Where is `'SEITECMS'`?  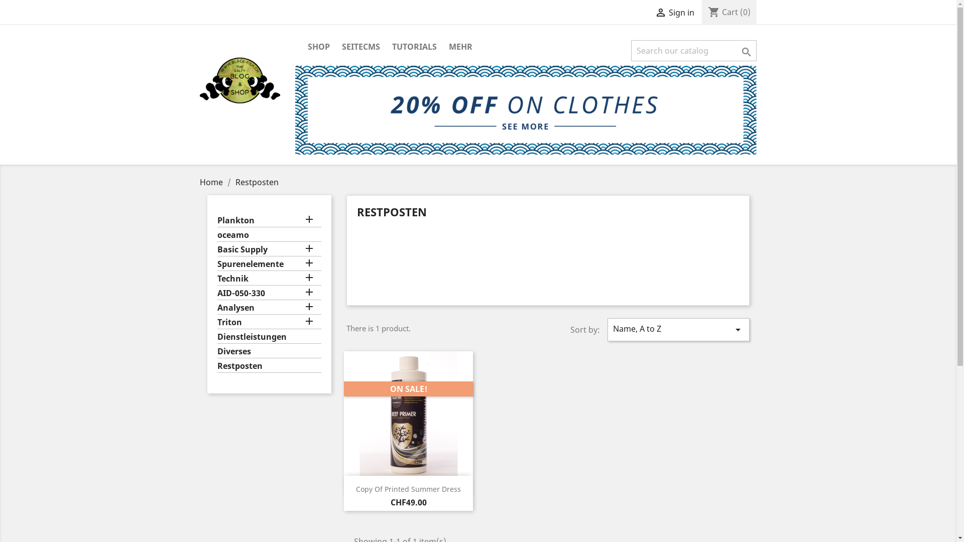 'SEITECMS' is located at coordinates (360, 47).